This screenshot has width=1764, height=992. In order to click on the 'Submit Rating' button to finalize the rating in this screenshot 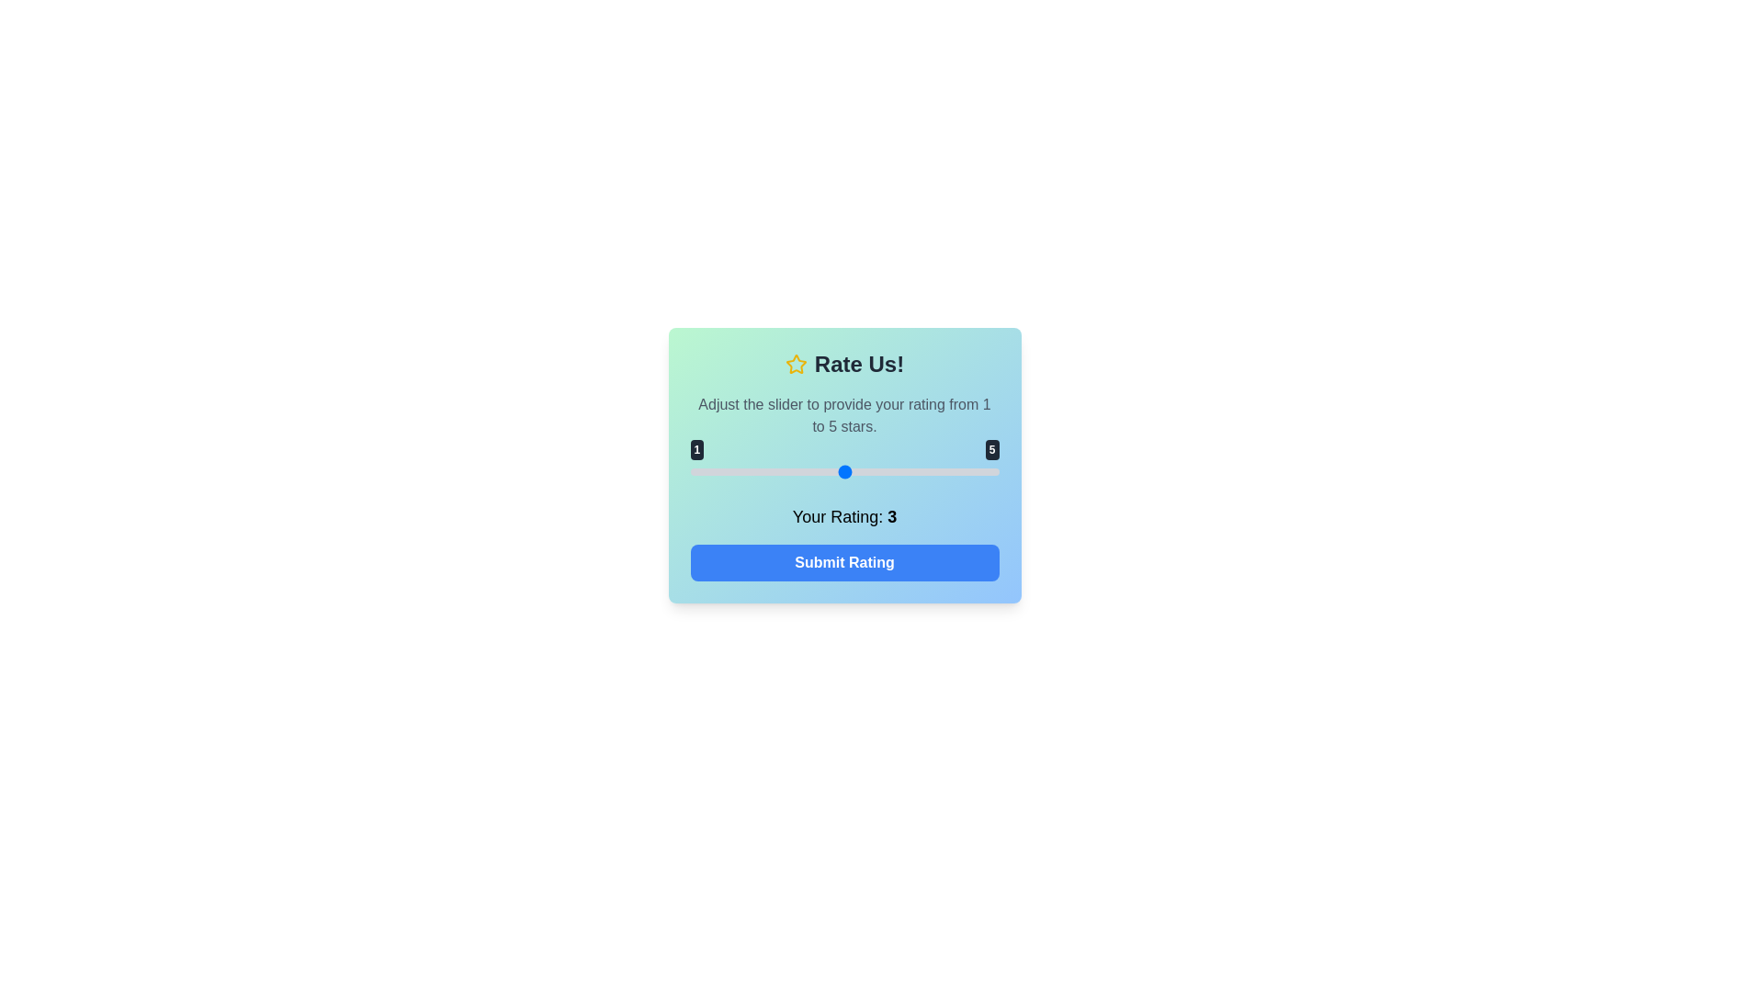, I will do `click(843, 562)`.